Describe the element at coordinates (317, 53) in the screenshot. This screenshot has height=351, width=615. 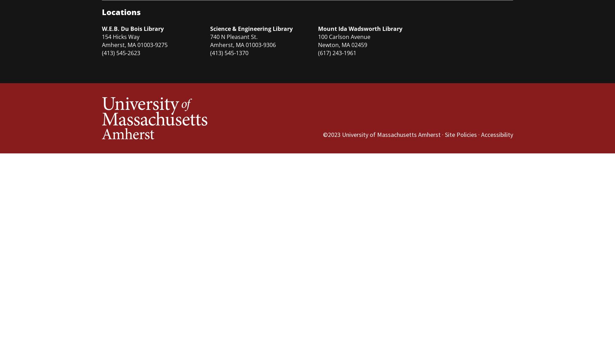
I see `'(617) 243-1961'` at that location.